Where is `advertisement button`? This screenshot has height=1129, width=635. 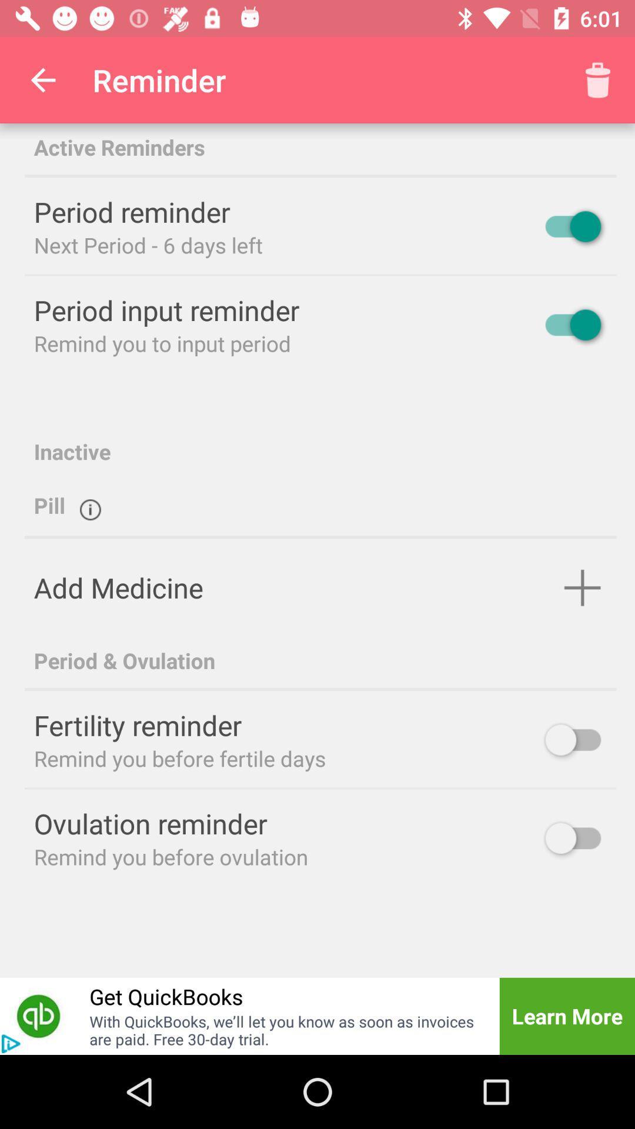 advertisement button is located at coordinates (11, 1044).